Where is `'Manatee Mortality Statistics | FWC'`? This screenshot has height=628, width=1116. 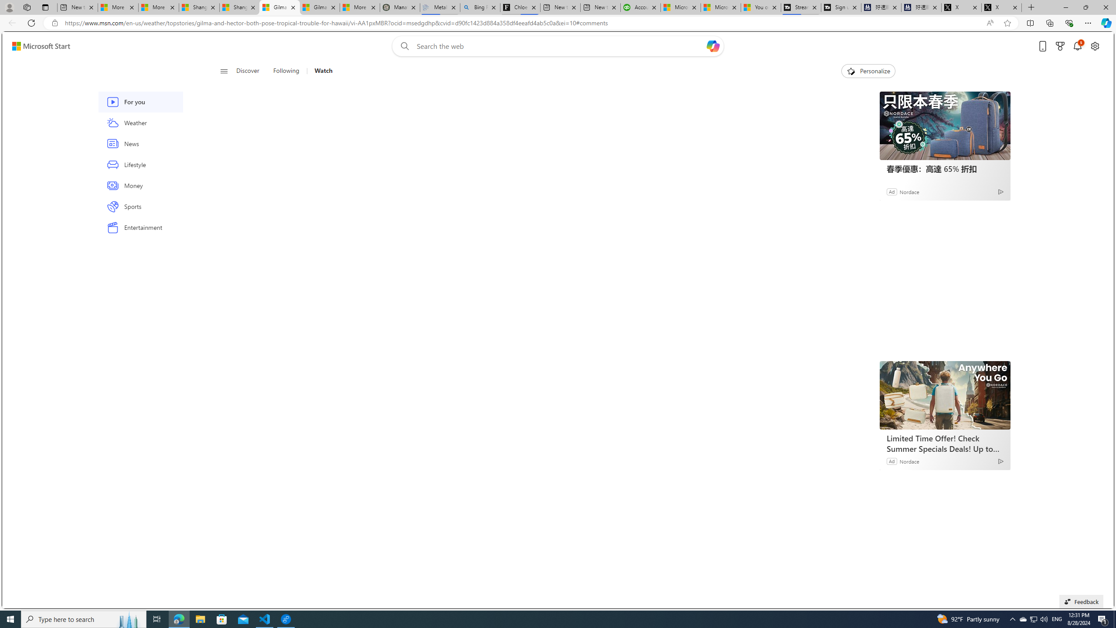
'Manatee Mortality Statistics | FWC' is located at coordinates (400, 7).